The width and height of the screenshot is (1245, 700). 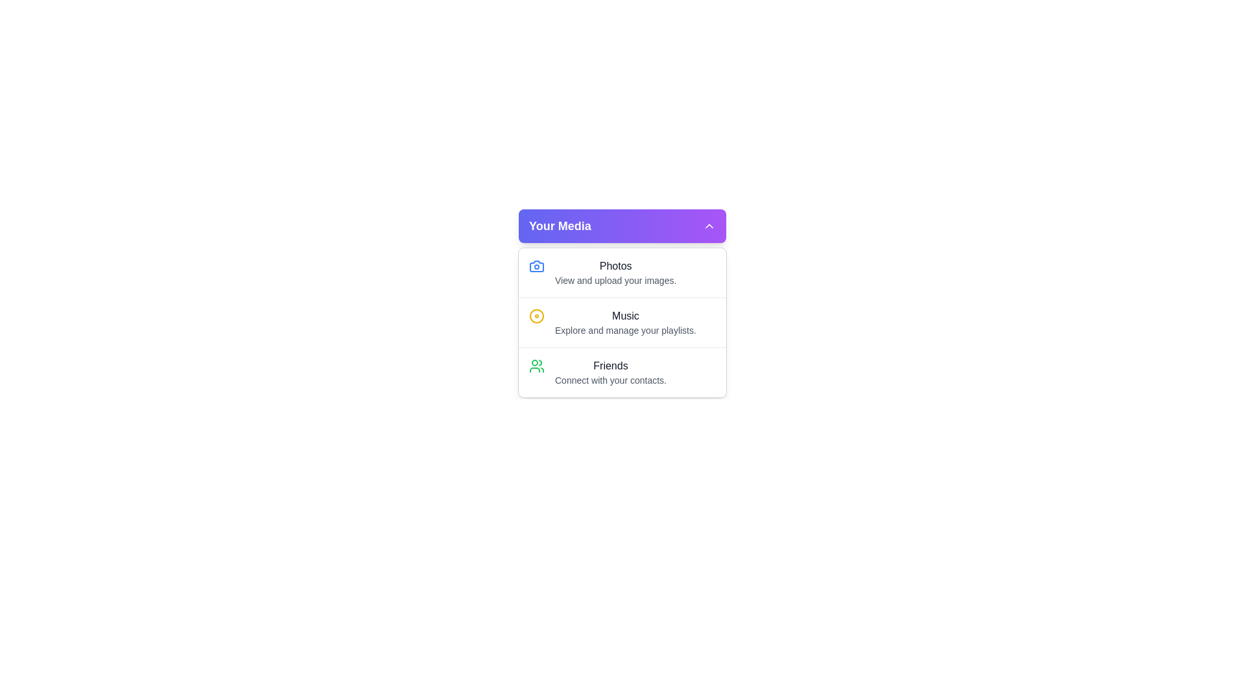 What do you see at coordinates (615, 272) in the screenshot?
I see `the 'Photos' text label element, which consists of the bold text 'Photos' and the smaller text 'View and upload your images.', located in the 'Your Media' section next to a blue camera icon` at bounding box center [615, 272].